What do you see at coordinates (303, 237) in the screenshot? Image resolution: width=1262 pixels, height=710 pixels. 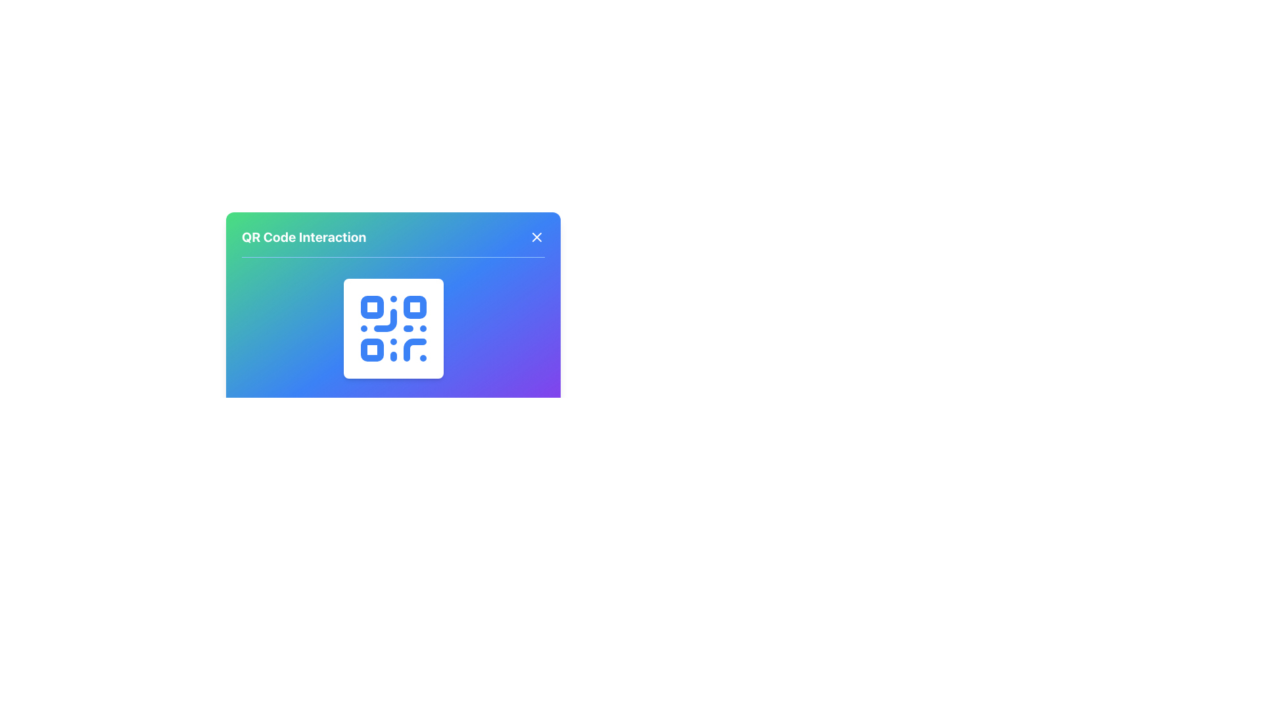 I see `the title text label in the top-left area of the card interface, which provides context for the card's functionality` at bounding box center [303, 237].